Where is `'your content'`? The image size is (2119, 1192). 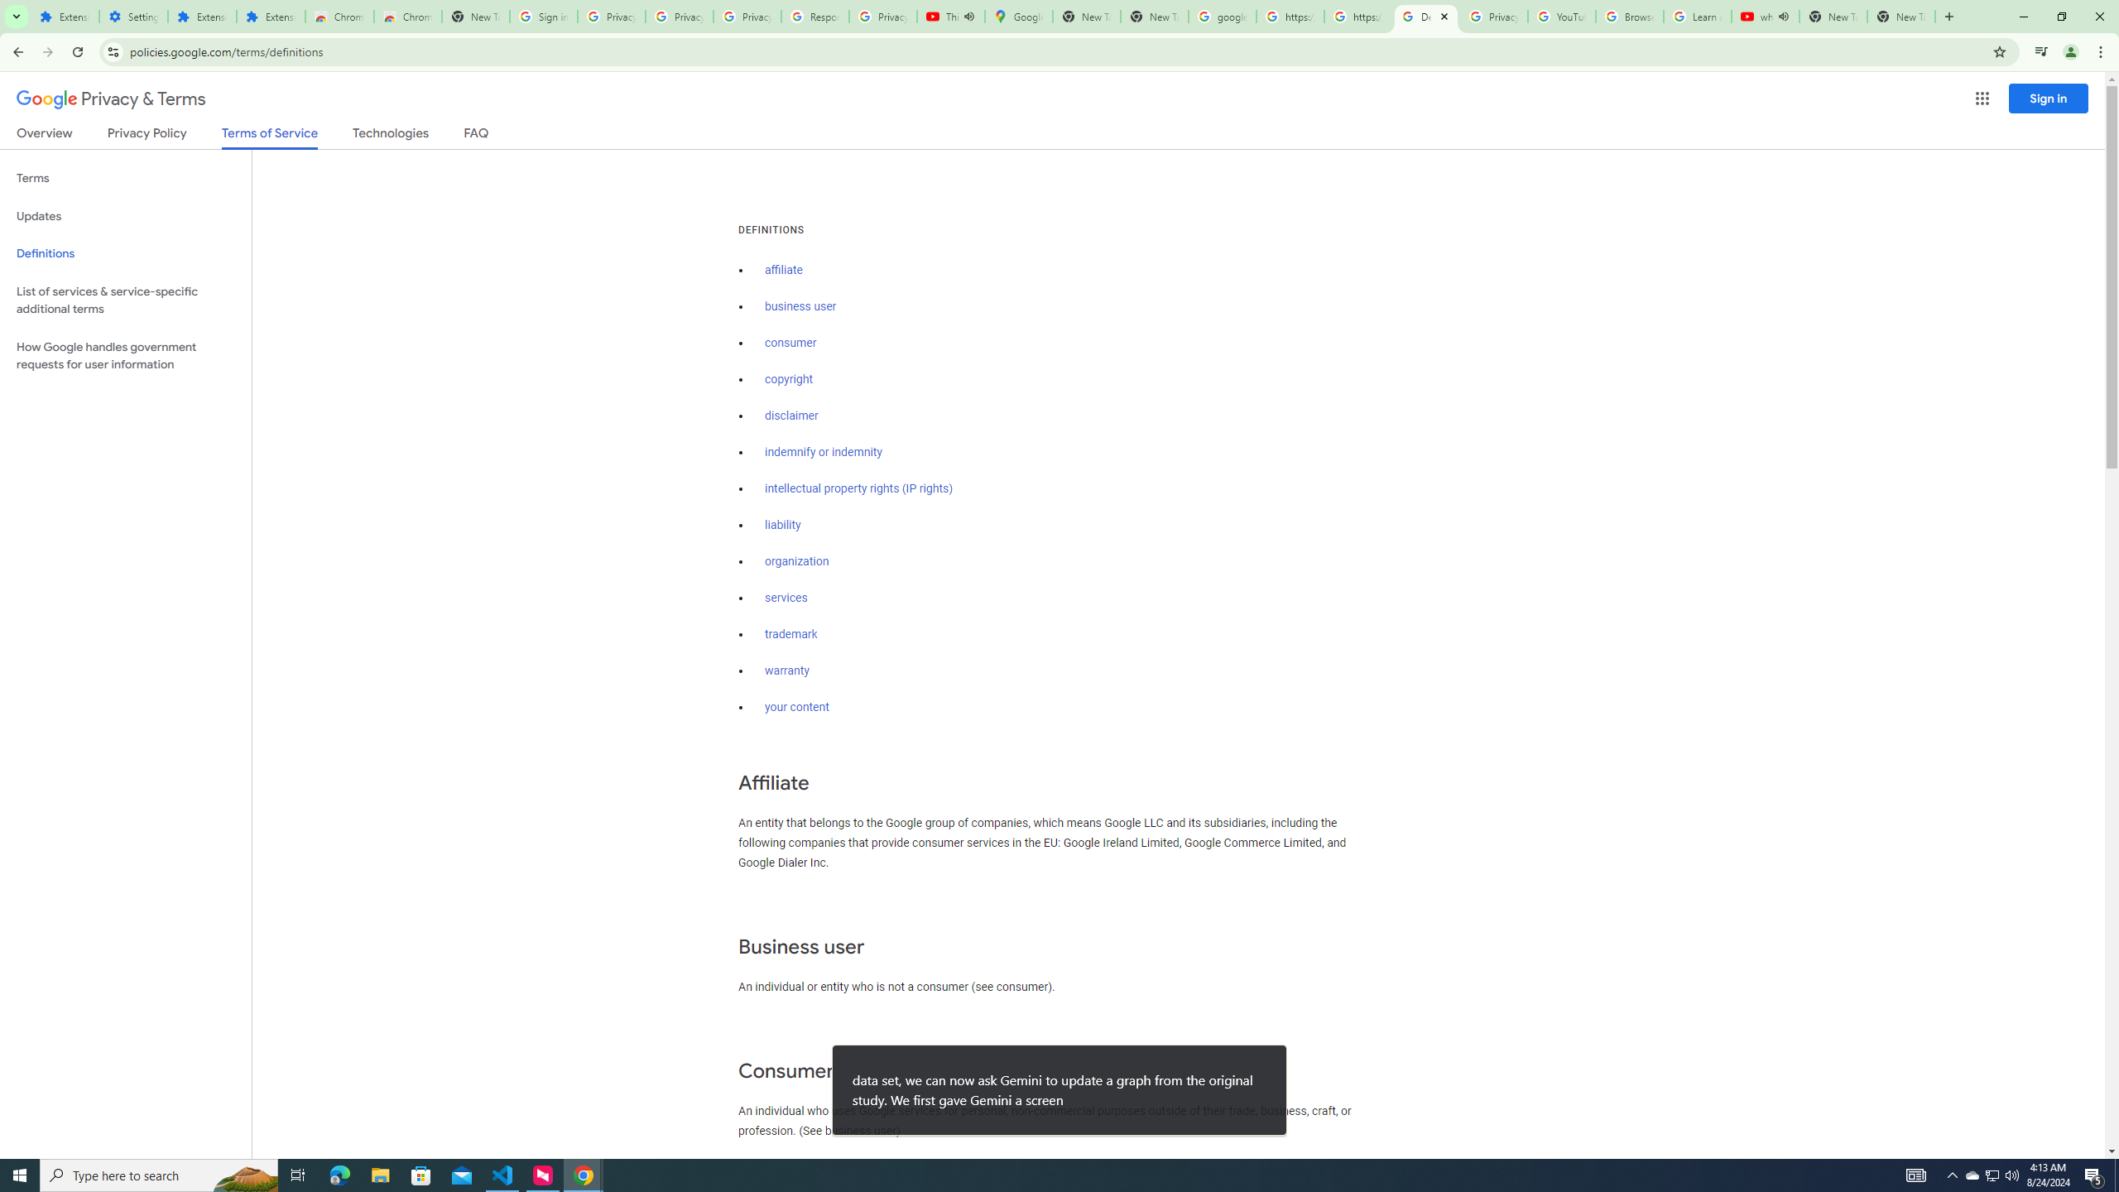 'your content' is located at coordinates (796, 707).